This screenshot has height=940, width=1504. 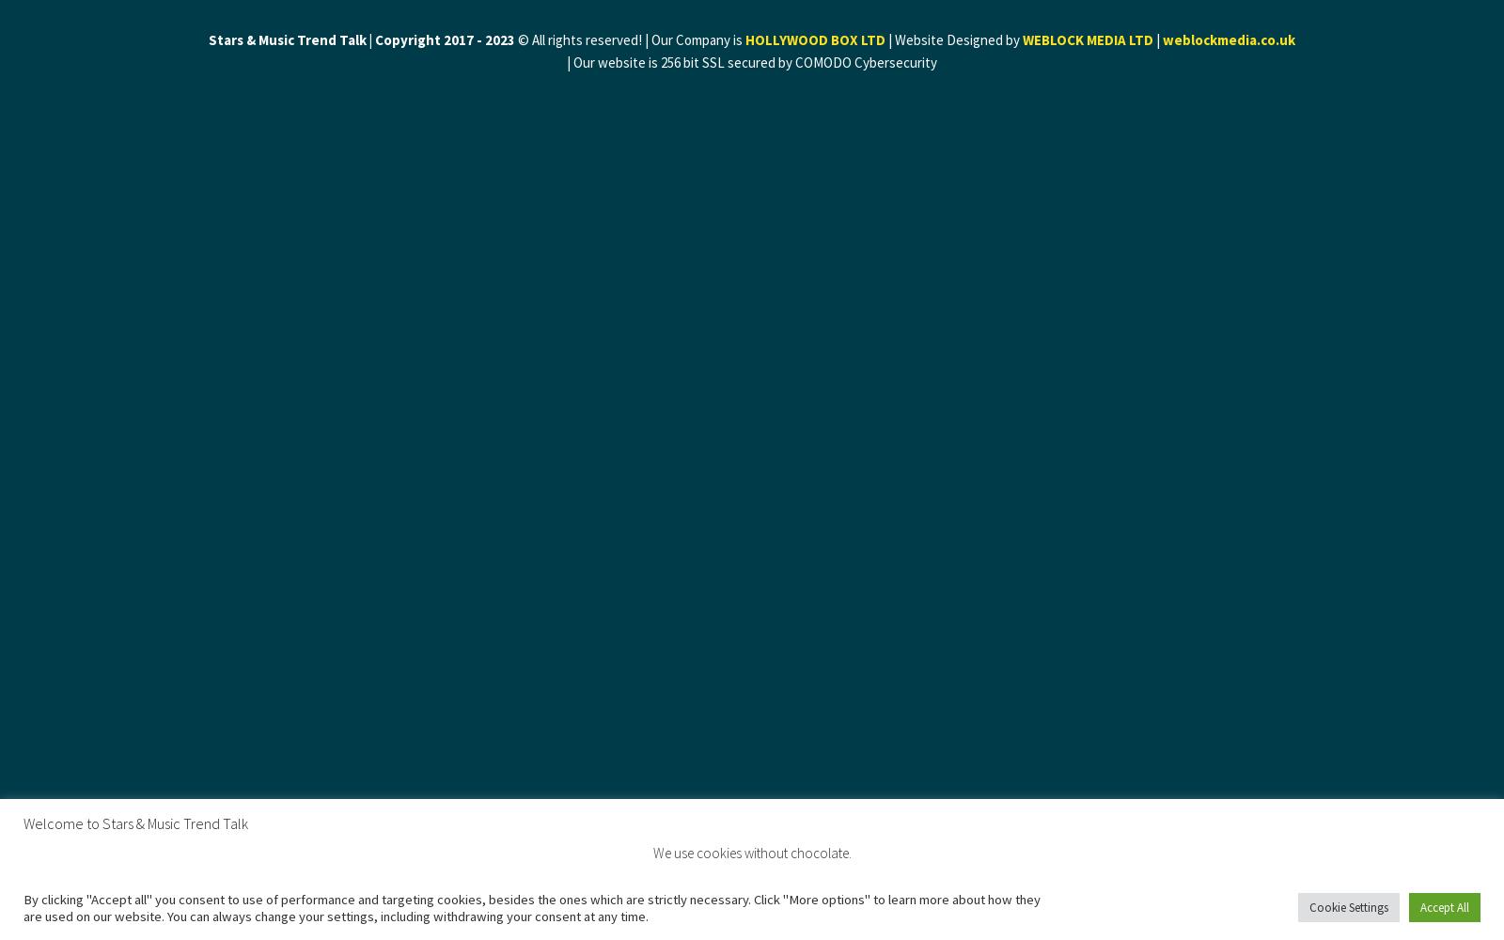 What do you see at coordinates (630, 39) in the screenshot?
I see `'© All  rights reserved! | Our Company is'` at bounding box center [630, 39].